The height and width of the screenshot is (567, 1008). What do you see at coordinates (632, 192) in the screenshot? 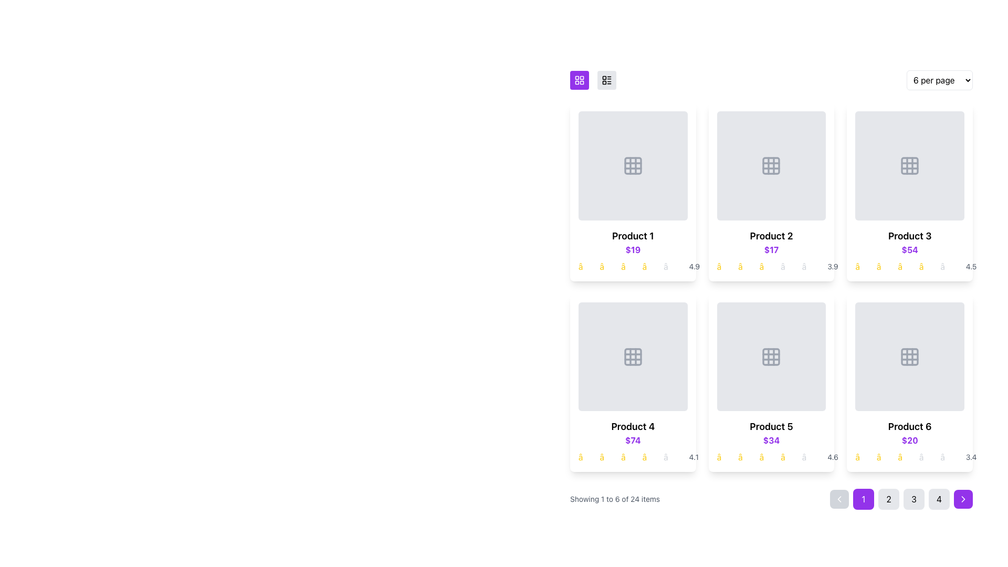
I see `the first Product Card in the grid layout` at bounding box center [632, 192].